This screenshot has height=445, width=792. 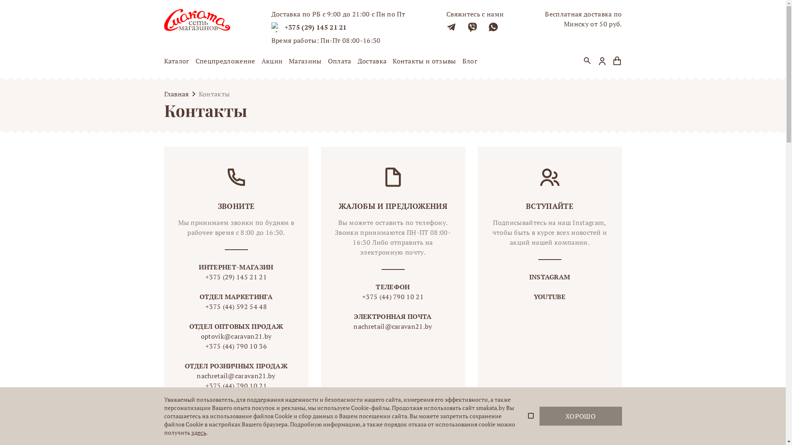 What do you see at coordinates (236, 375) in the screenshot?
I see `'nachretail@caravan21.by'` at bounding box center [236, 375].